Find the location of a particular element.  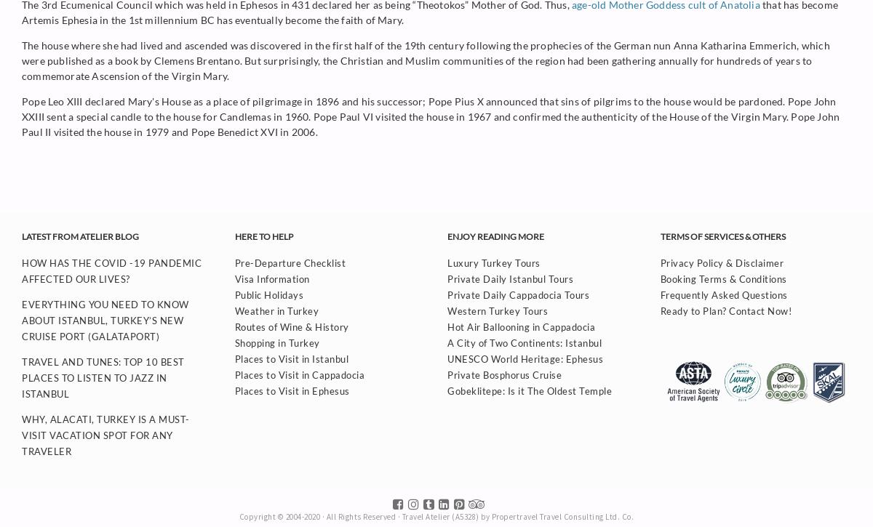

'Shopping in Turkey' is located at coordinates (276, 342).